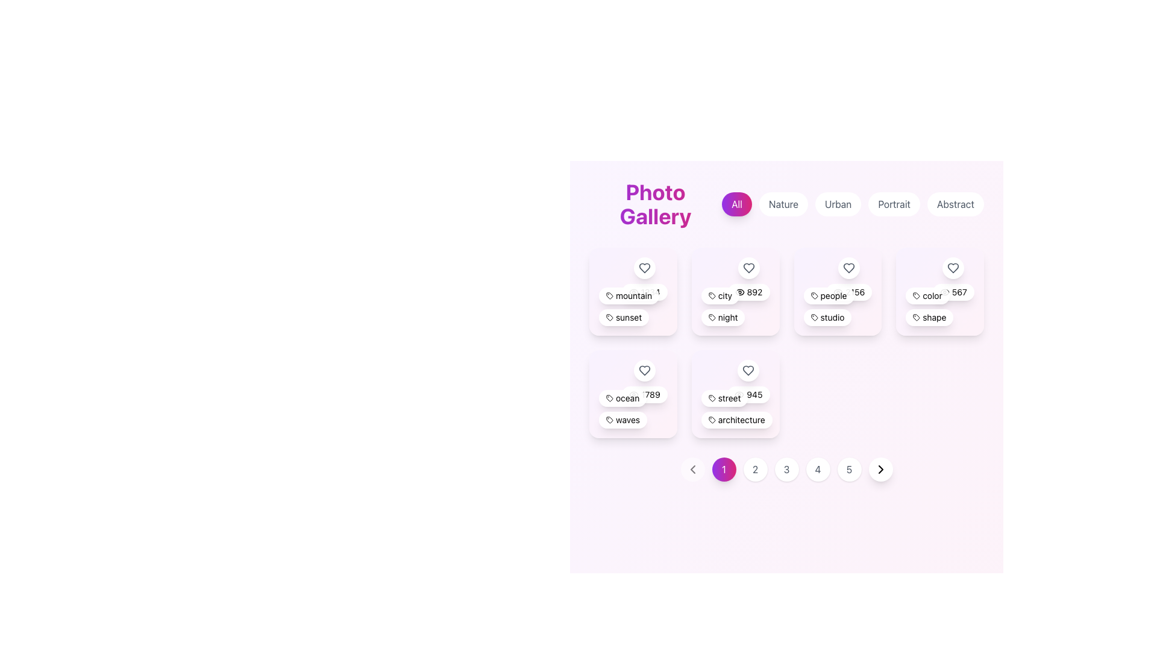 Image resolution: width=1157 pixels, height=651 pixels. Describe the element at coordinates (644, 267) in the screenshot. I see `the heart icon with a hollow outline located in the top-left corner of the first card in the grid` at that location.